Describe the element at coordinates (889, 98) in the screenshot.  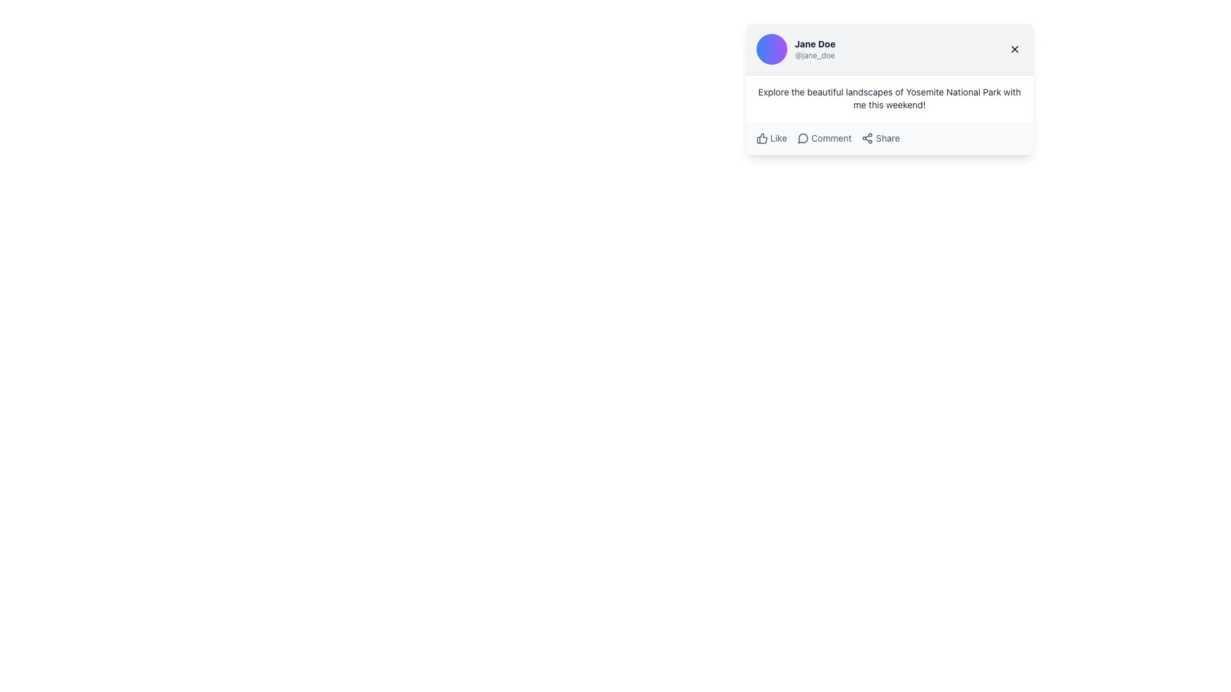
I see `the Text Display element that contains the sentence 'Explore the beautiful landscapes of Yosemite National Park with me this weekend!', which is centrally aligned in a card layout` at that location.